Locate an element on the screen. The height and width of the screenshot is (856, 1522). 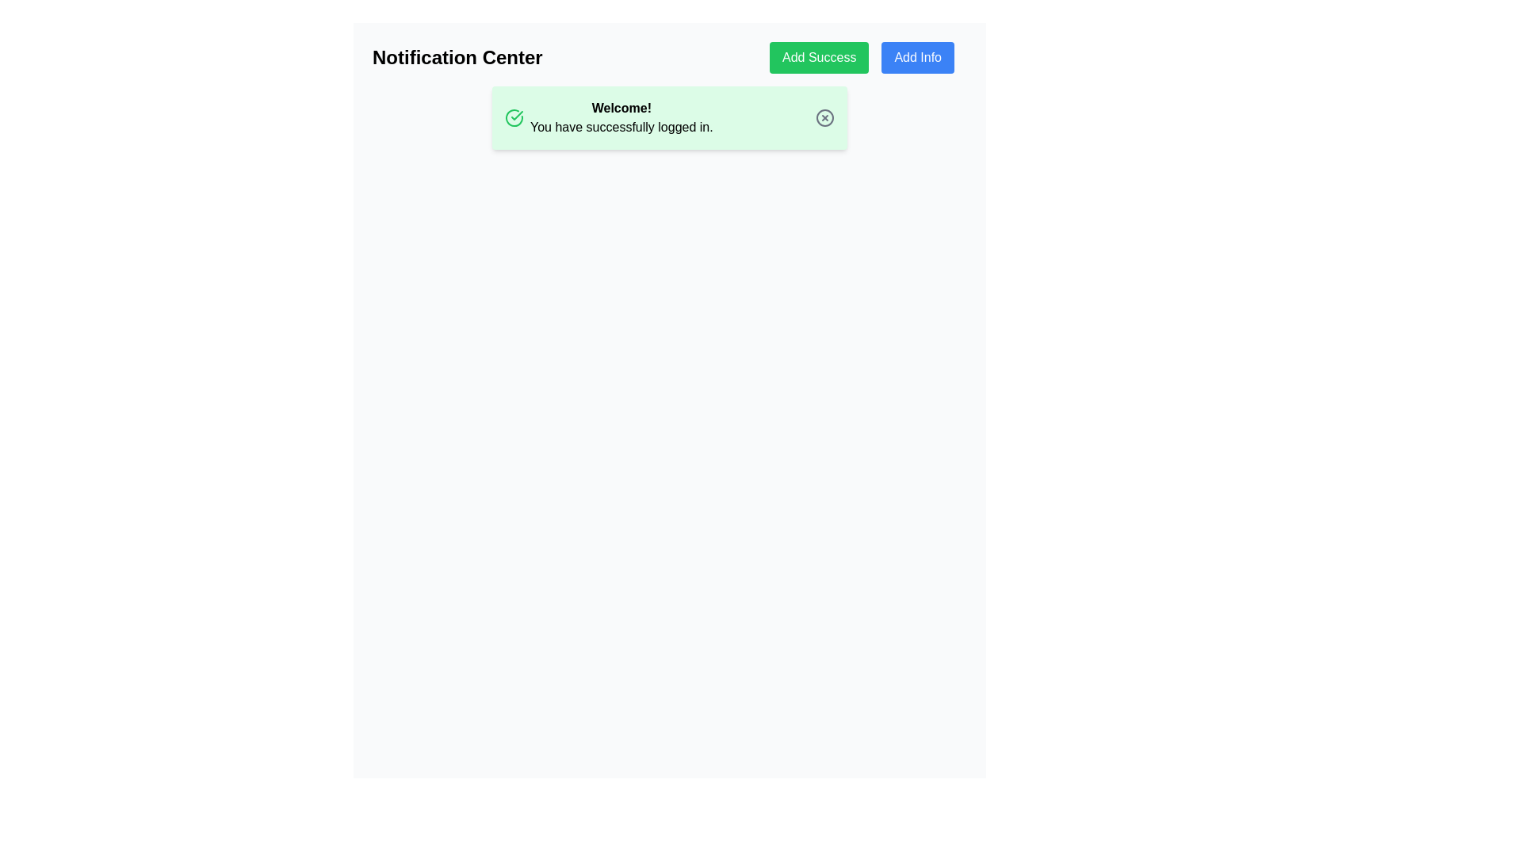
the success icon located on the left side near the phrase 'Welcome! You have successfully logged in.' is located at coordinates (514, 117).